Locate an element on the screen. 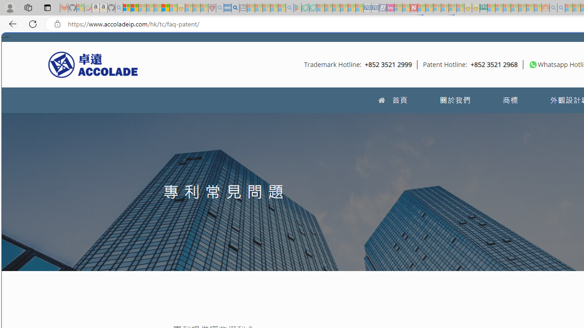 The height and width of the screenshot is (328, 584). 'Utah sues federal government - Search - Sleeping' is located at coordinates (561, 8).